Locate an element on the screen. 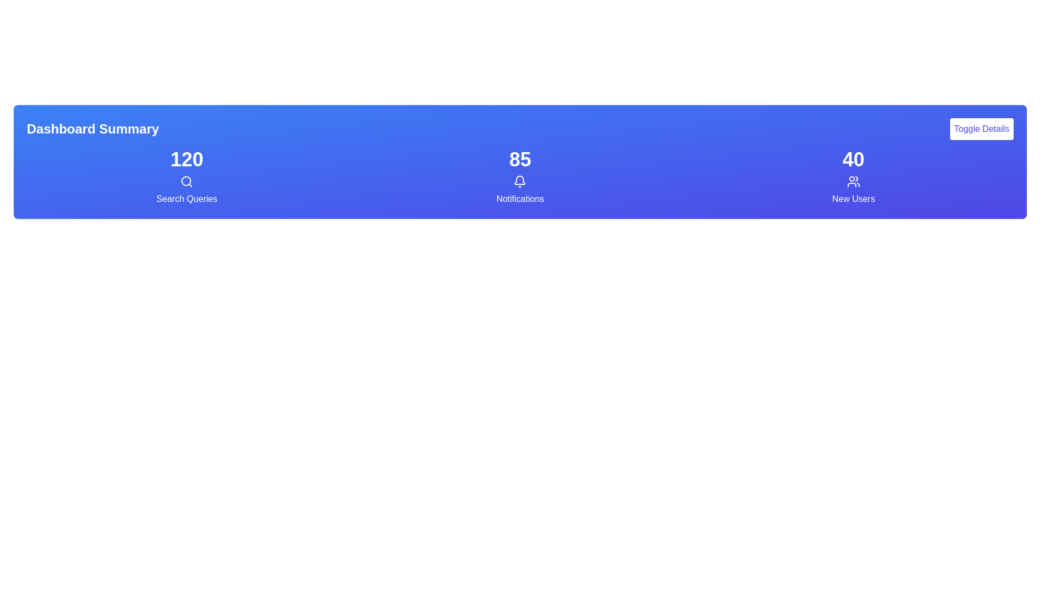 This screenshot has width=1052, height=591. the decorative icon symbolizing the 'New Users' statistic, located below the text '40' and above the label 'New Users' in the rightmost information card of the dashboard is located at coordinates (853, 181).